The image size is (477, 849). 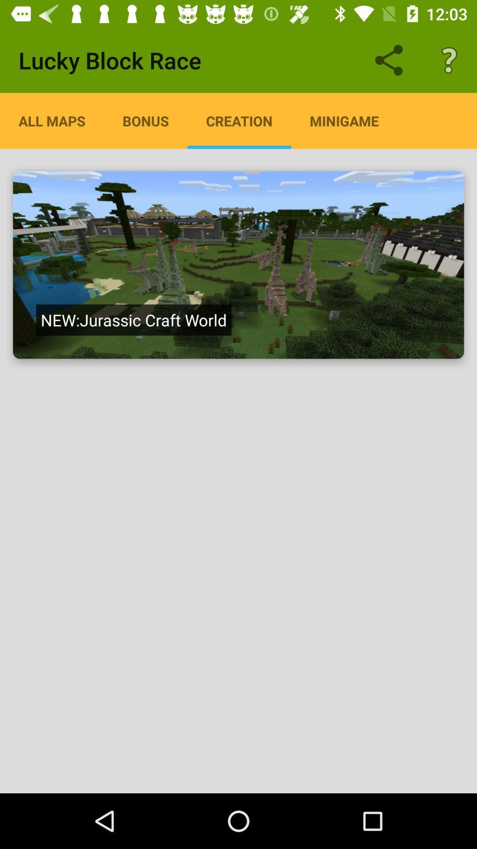 What do you see at coordinates (344, 120) in the screenshot?
I see `the item to the right of the creation` at bounding box center [344, 120].